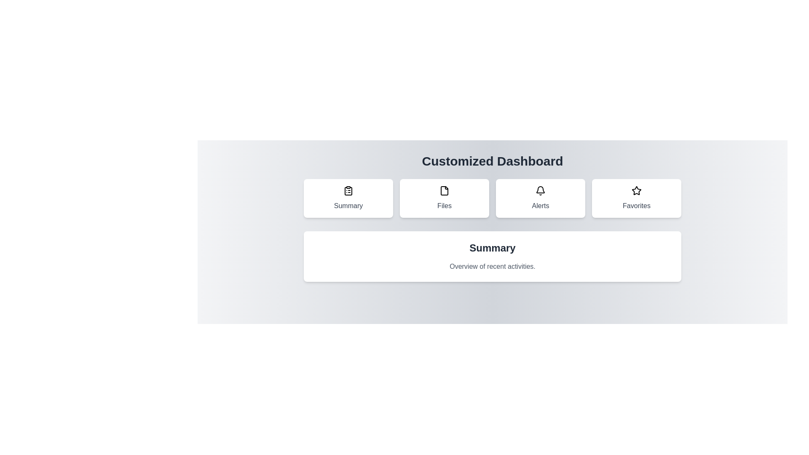  Describe the element at coordinates (493, 266) in the screenshot. I see `the static text element located below the 'Summary' heading, which provides a brief description of recent activities` at that location.